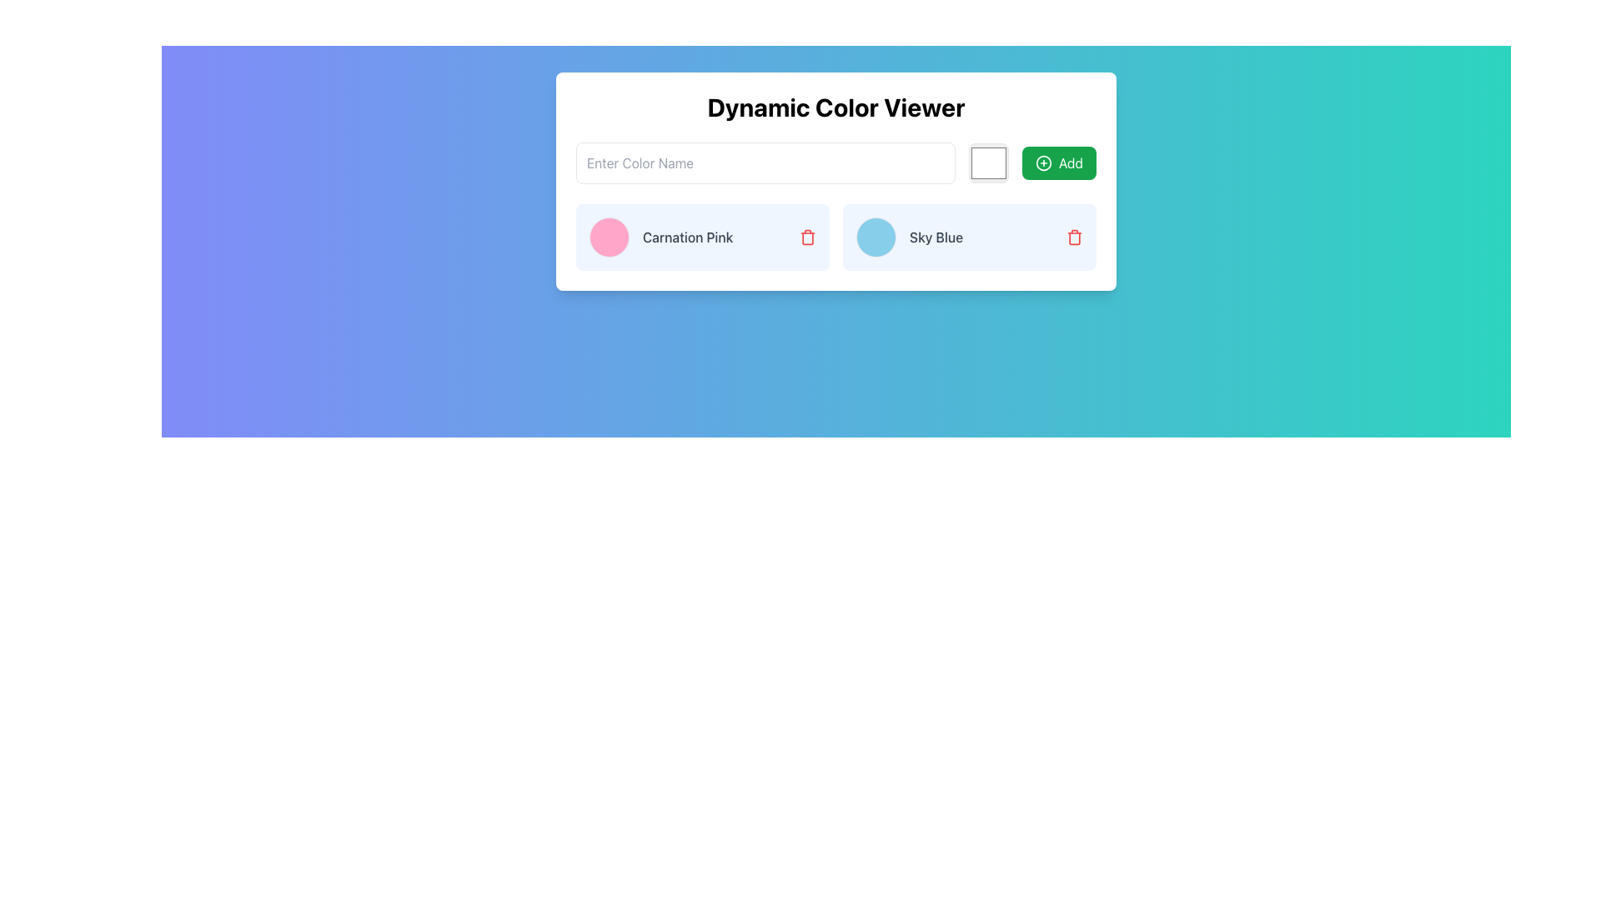 The image size is (1601, 900). What do you see at coordinates (909, 237) in the screenshot?
I see `the 'Sky Blue' color option group, which includes a blue color preview and a label, located in the middle of a light blue card below the 'Dynamic Color Viewer' header` at bounding box center [909, 237].